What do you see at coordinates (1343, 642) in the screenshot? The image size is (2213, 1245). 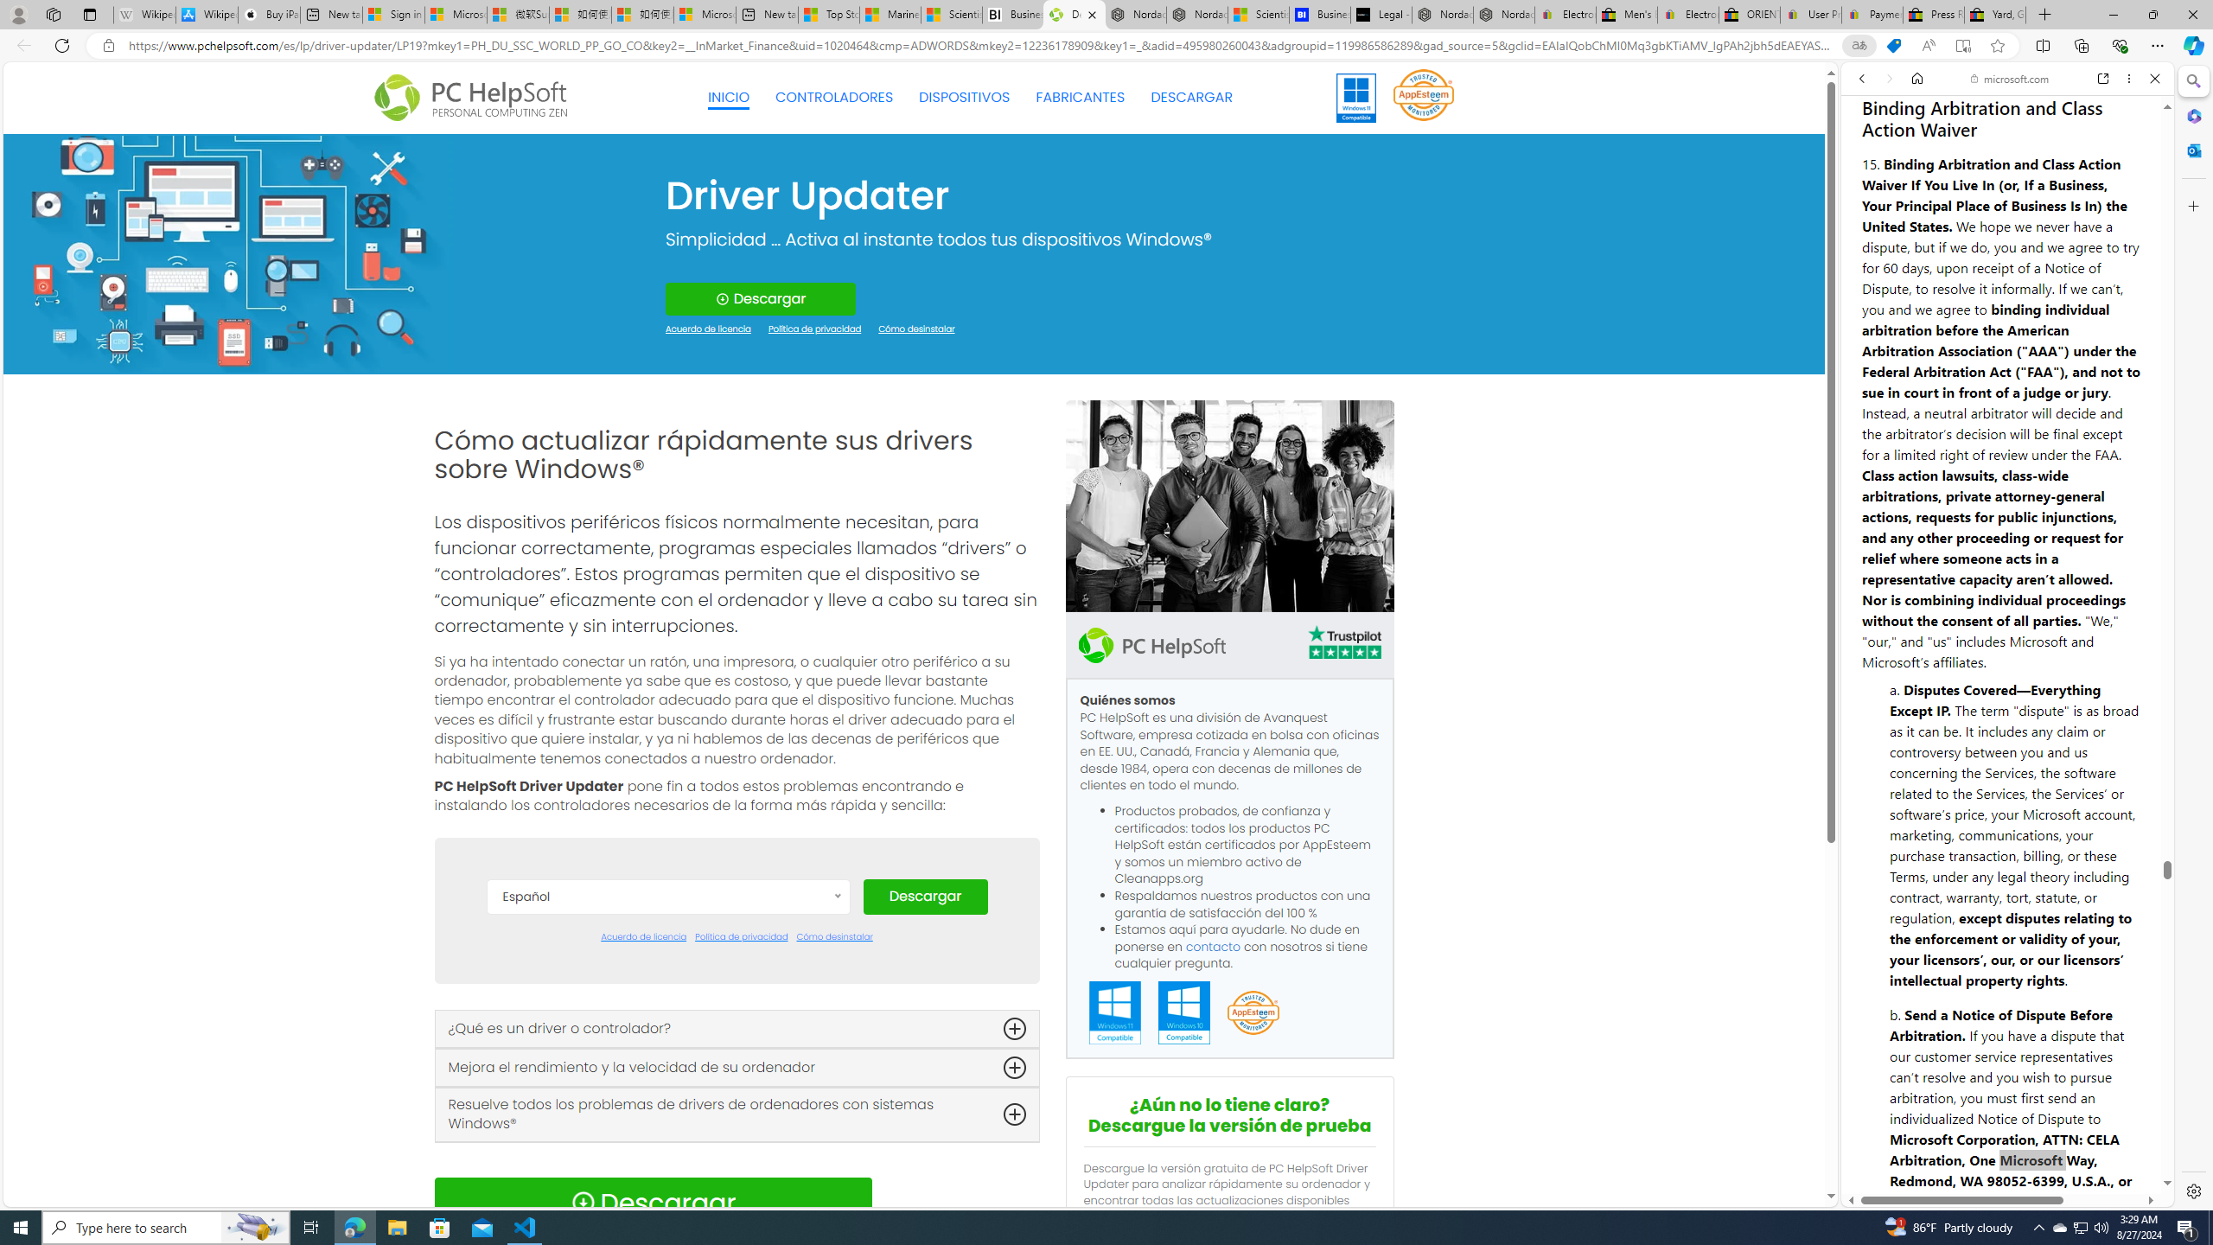 I see `'TrustPilot'` at bounding box center [1343, 642].